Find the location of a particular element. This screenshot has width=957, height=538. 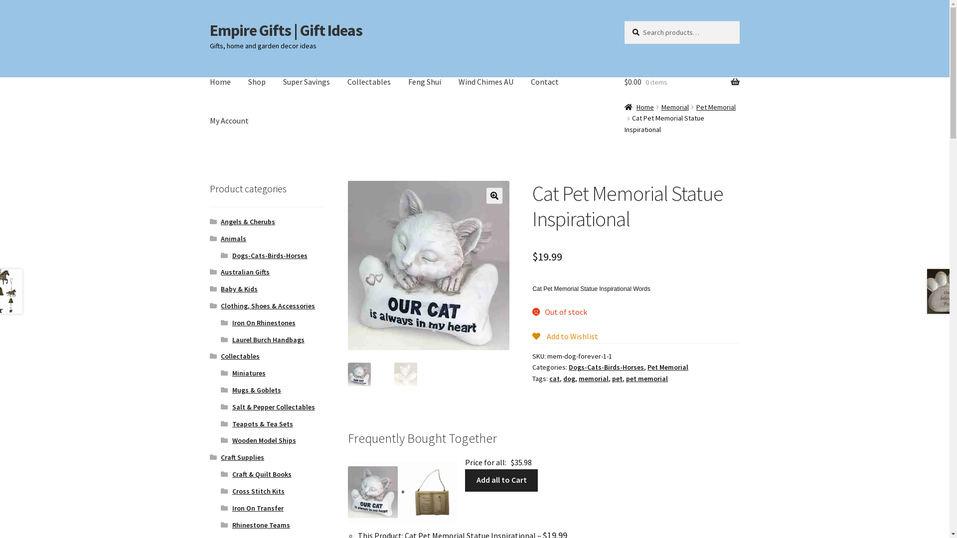

'Add to Wishlist' is located at coordinates (565, 336).